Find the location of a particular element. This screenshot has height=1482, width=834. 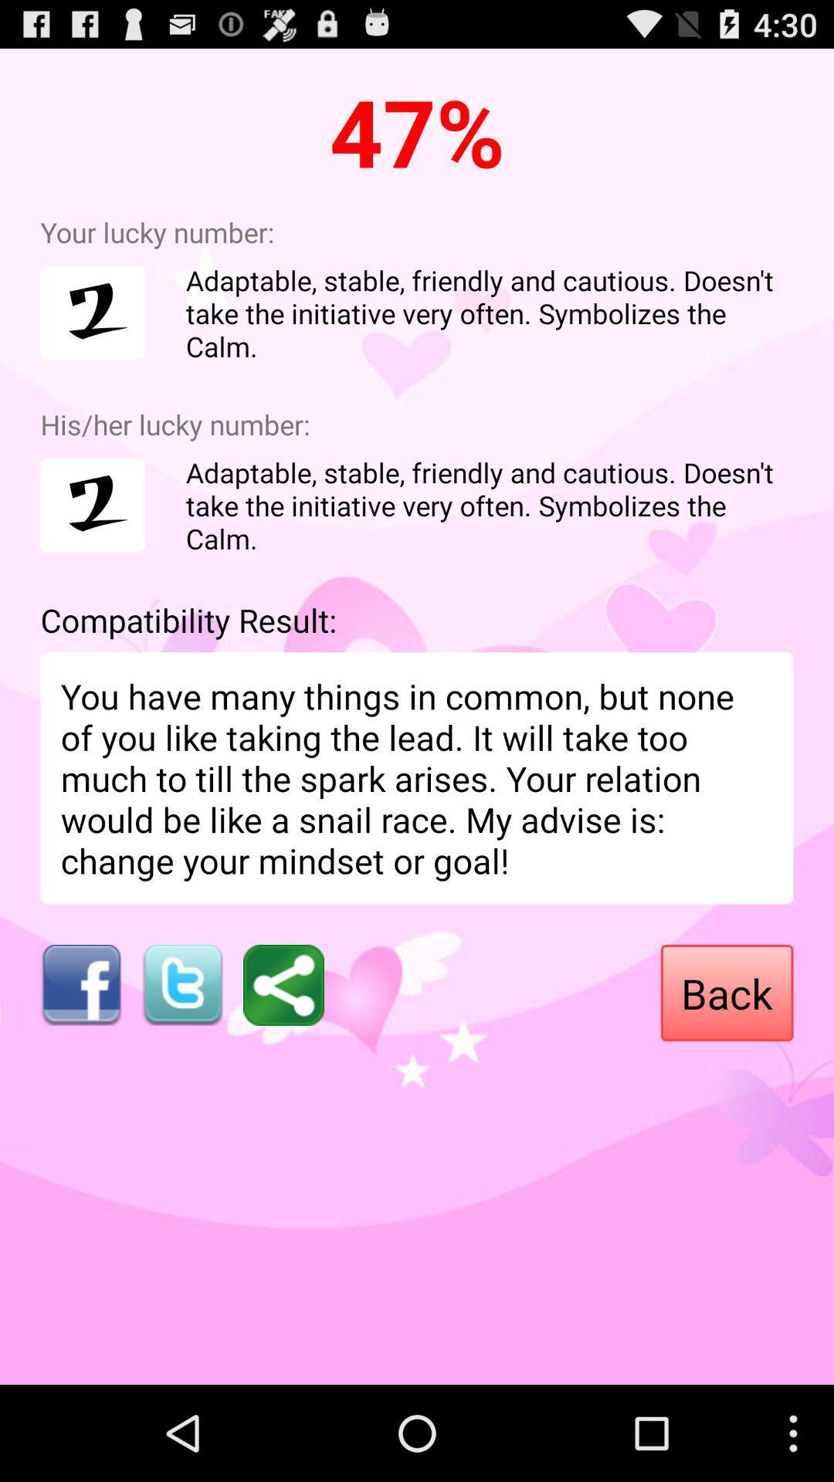

item to the left of the back is located at coordinates (283, 984).